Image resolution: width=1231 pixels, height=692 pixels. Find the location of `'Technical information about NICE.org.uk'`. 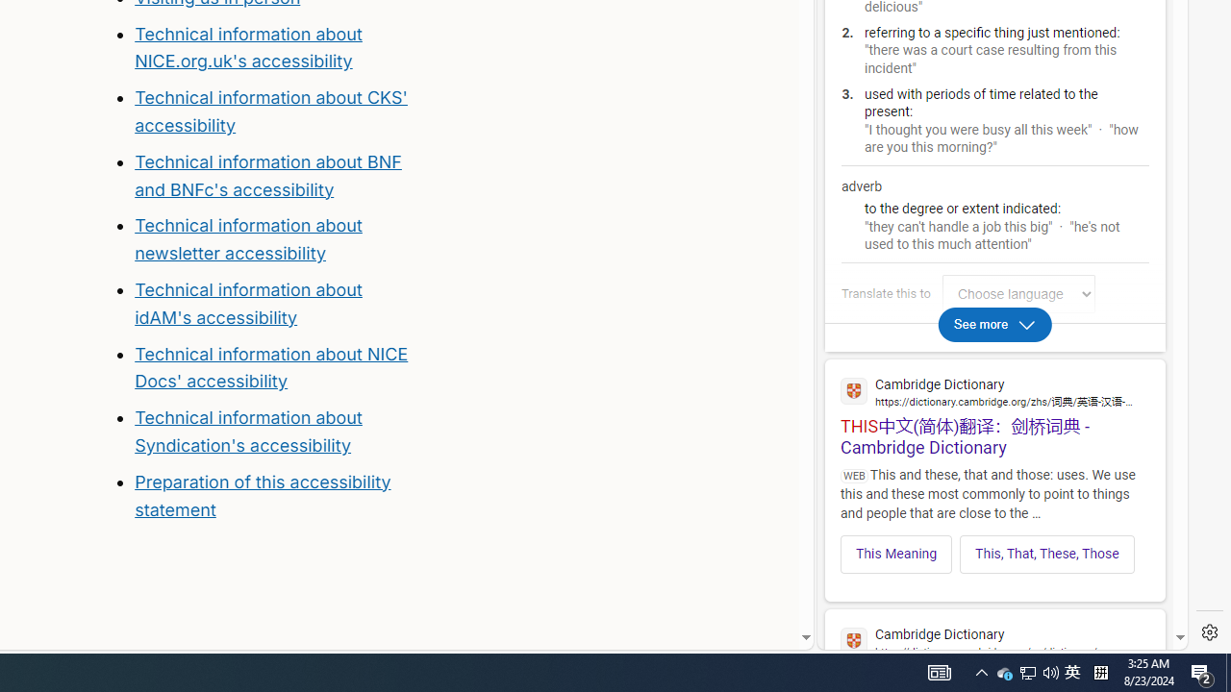

'Technical information about NICE.org.uk' is located at coordinates (247, 46).